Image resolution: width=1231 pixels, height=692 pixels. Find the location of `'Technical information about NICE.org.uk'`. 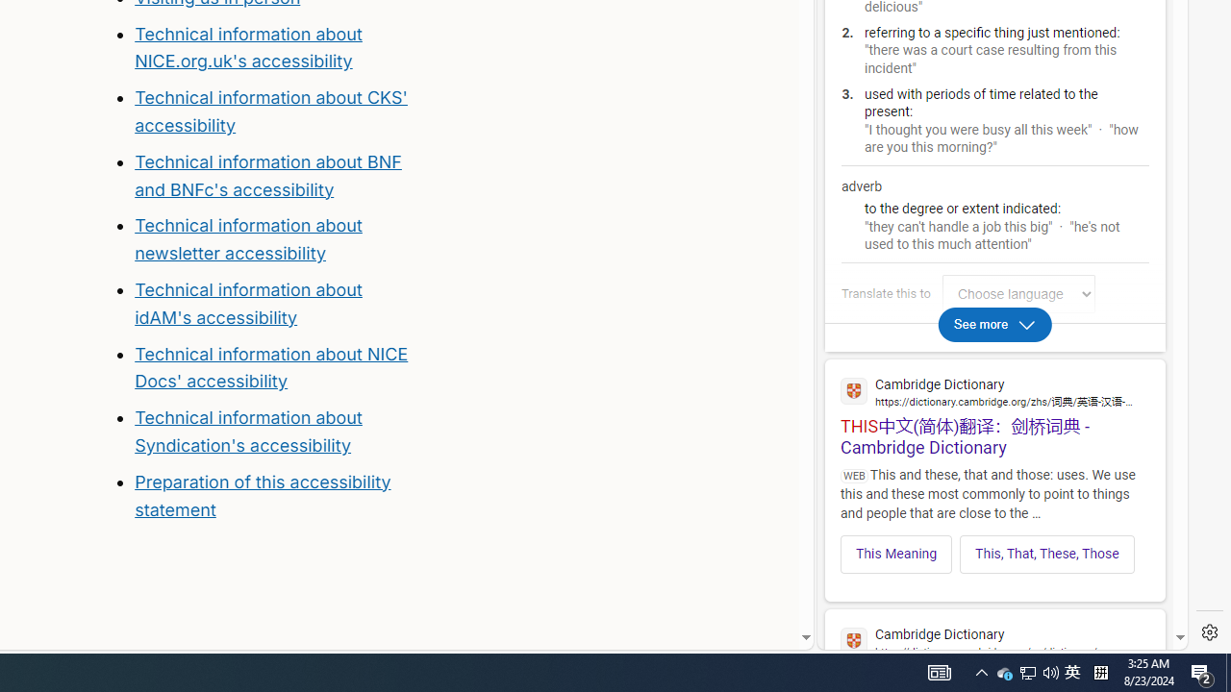

'Technical information about NICE.org.uk' is located at coordinates (247, 46).